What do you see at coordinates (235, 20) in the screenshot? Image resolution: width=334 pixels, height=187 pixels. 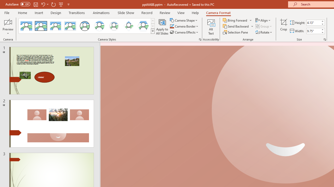 I see `'Bring Forward'` at bounding box center [235, 20].